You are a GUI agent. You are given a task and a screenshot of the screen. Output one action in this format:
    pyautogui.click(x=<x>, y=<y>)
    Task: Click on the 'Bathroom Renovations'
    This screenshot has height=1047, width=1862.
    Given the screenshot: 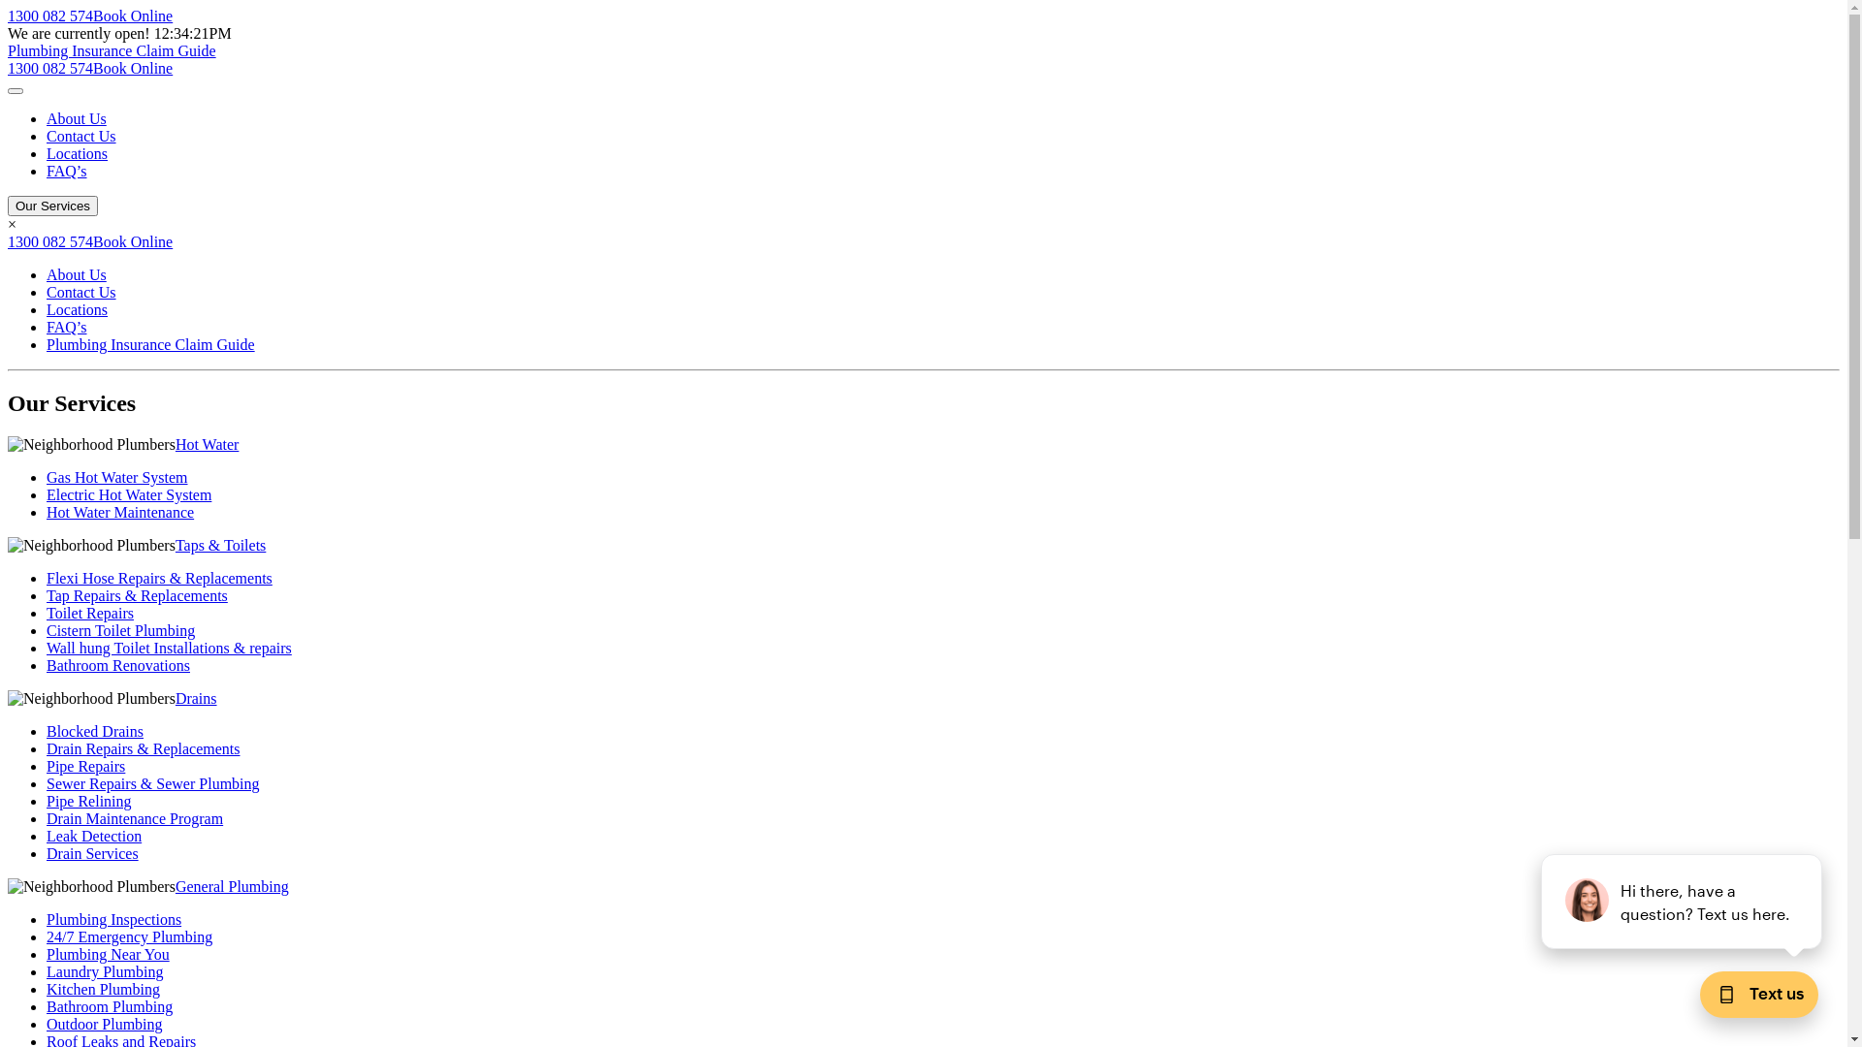 What is the action you would take?
    pyautogui.click(x=116, y=664)
    